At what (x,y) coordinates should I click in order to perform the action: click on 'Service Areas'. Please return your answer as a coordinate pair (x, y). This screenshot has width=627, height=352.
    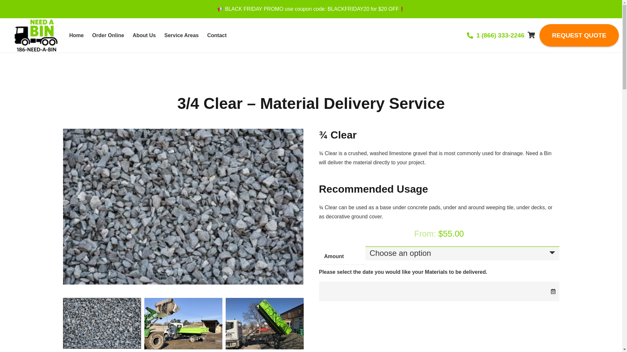
    Looking at the image, I should click on (181, 35).